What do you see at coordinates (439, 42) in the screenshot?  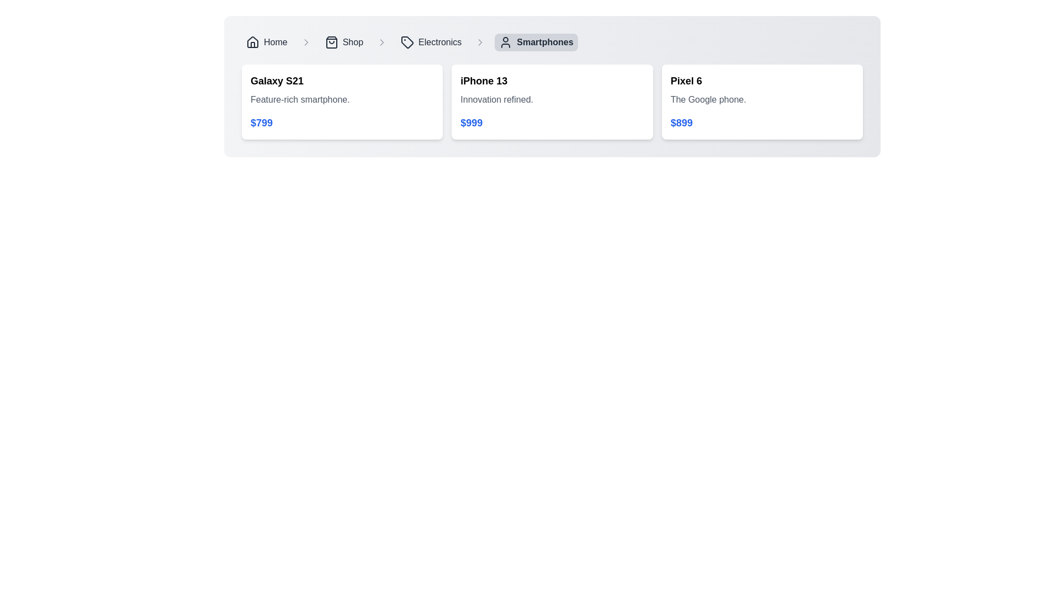 I see `the 'Electronics' label in the breadcrumb navigation bar` at bounding box center [439, 42].